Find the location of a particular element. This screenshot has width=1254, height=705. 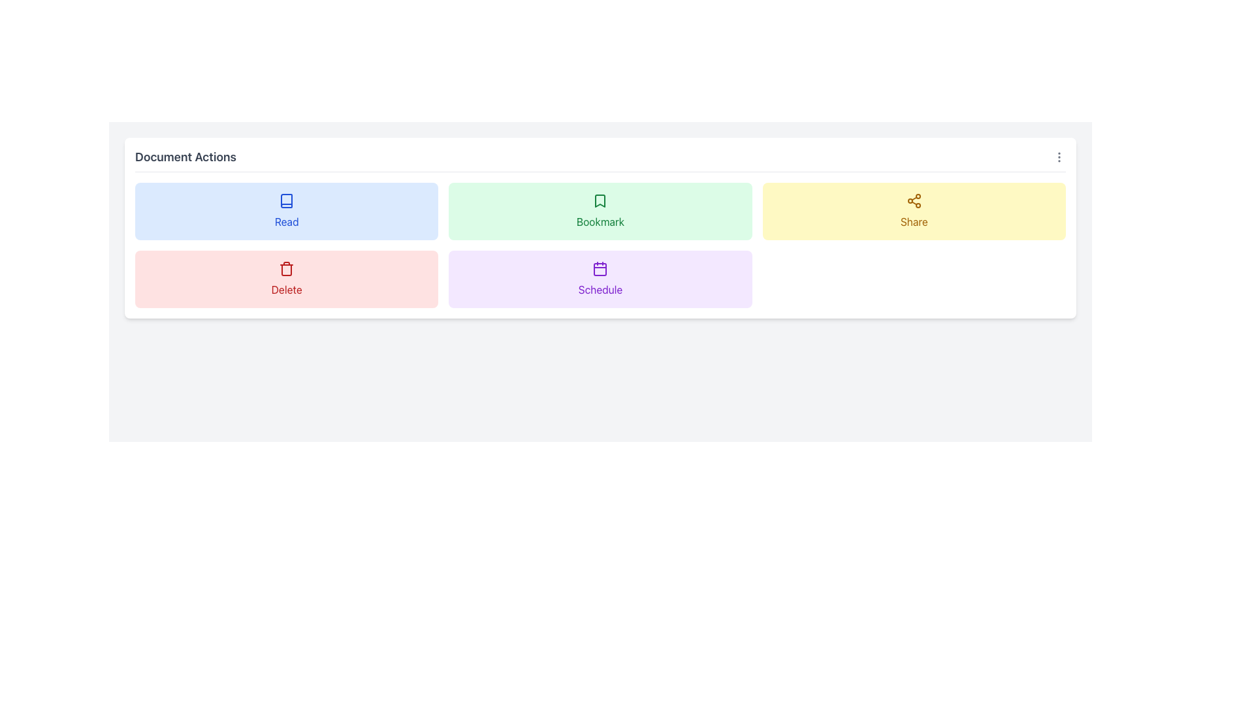

the green bookmark icon located at the center of the 'Bookmark' button, which is the middle button on the top row of a grid of buttons is located at coordinates (600, 201).